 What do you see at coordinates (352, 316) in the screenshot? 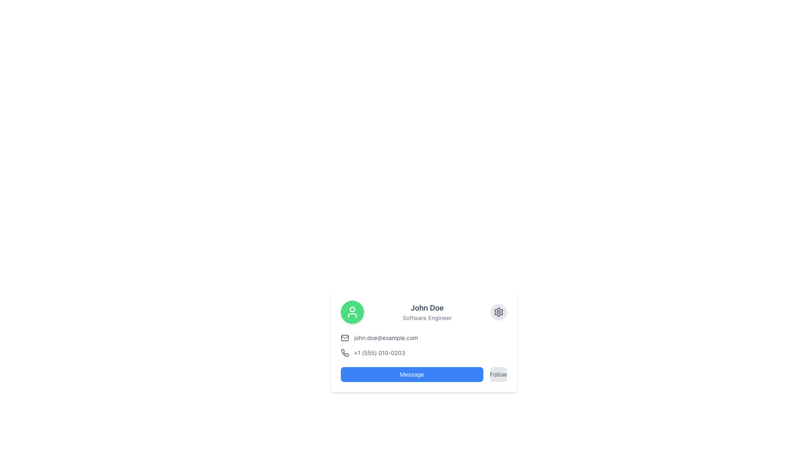
I see `properties of the user profile icon, which is the curved line forming the bottom part of the icon resembling a person, located on the green circular badge in the upper left corner of the card layout next to 'John Doe.'` at bounding box center [352, 316].